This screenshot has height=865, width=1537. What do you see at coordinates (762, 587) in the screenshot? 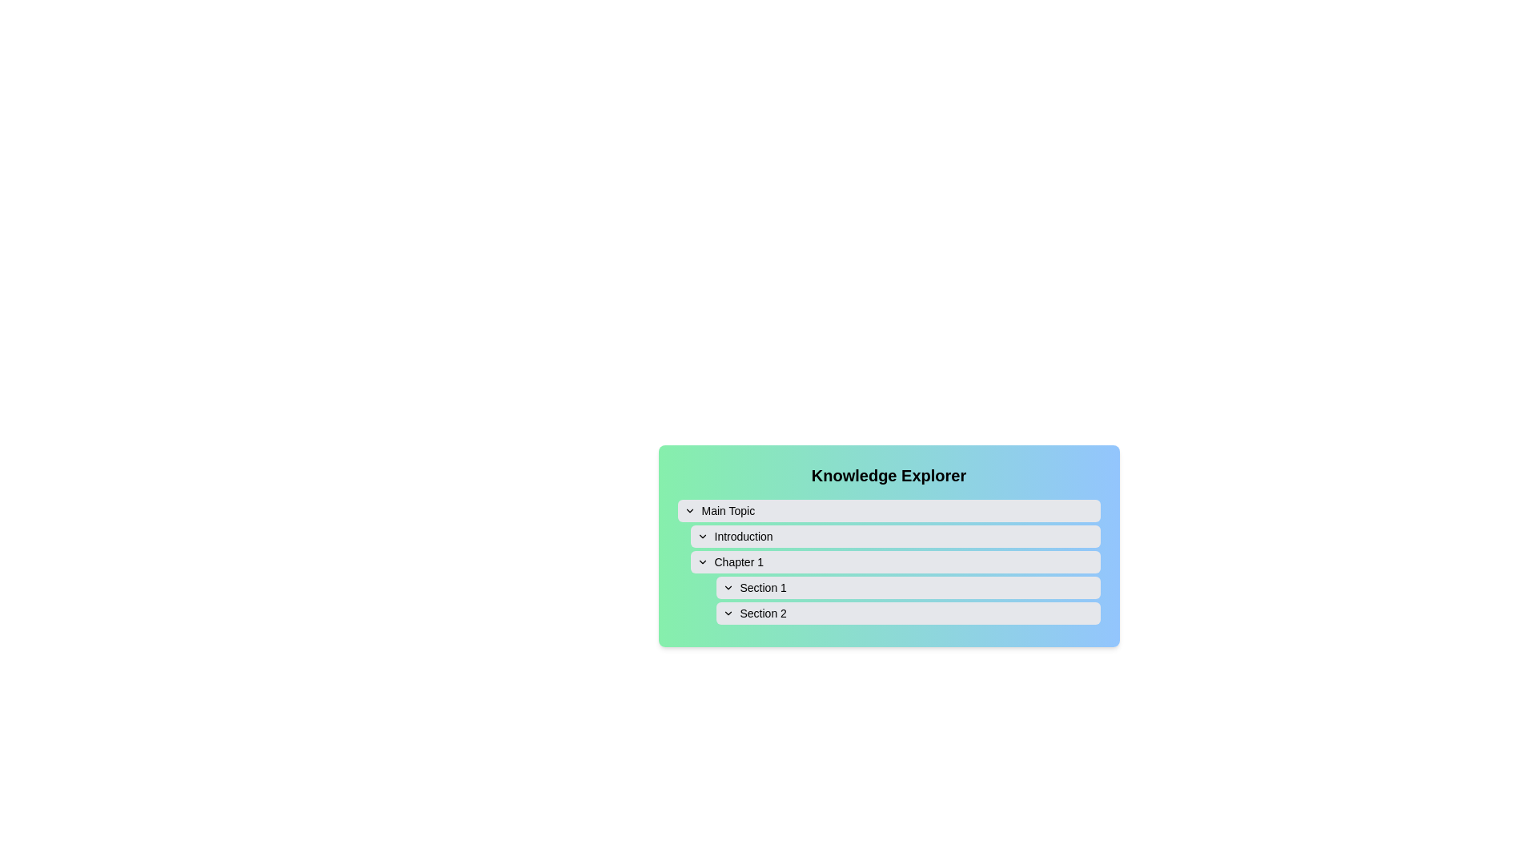
I see `the text label displaying 'Section 1' in gray color, located under 'Chapter 1' in the hierarchical interface` at bounding box center [762, 587].